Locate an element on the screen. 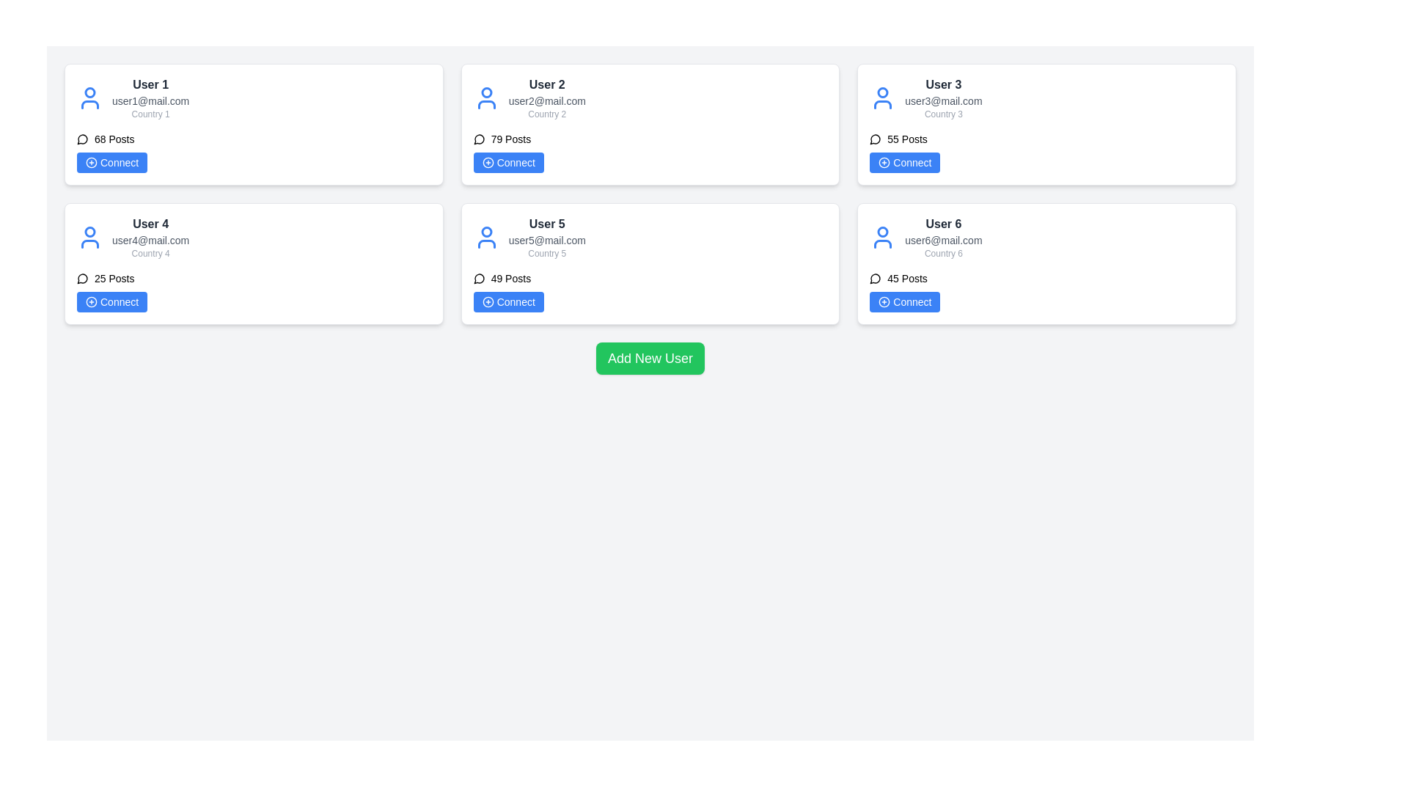 This screenshot has height=792, width=1408. on the user details text display area that shows 'User 2', 'user2@mail.com', and 'Country 2' is located at coordinates (546, 98).